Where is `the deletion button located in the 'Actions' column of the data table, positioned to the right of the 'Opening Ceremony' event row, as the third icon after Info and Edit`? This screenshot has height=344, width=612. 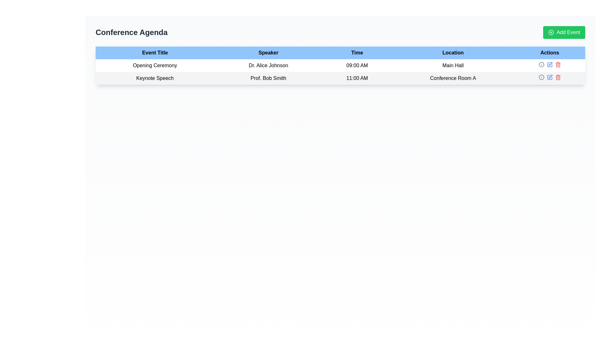 the deletion button located in the 'Actions' column of the data table, positioned to the right of the 'Opening Ceremony' event row, as the third icon after Info and Edit is located at coordinates (557, 65).